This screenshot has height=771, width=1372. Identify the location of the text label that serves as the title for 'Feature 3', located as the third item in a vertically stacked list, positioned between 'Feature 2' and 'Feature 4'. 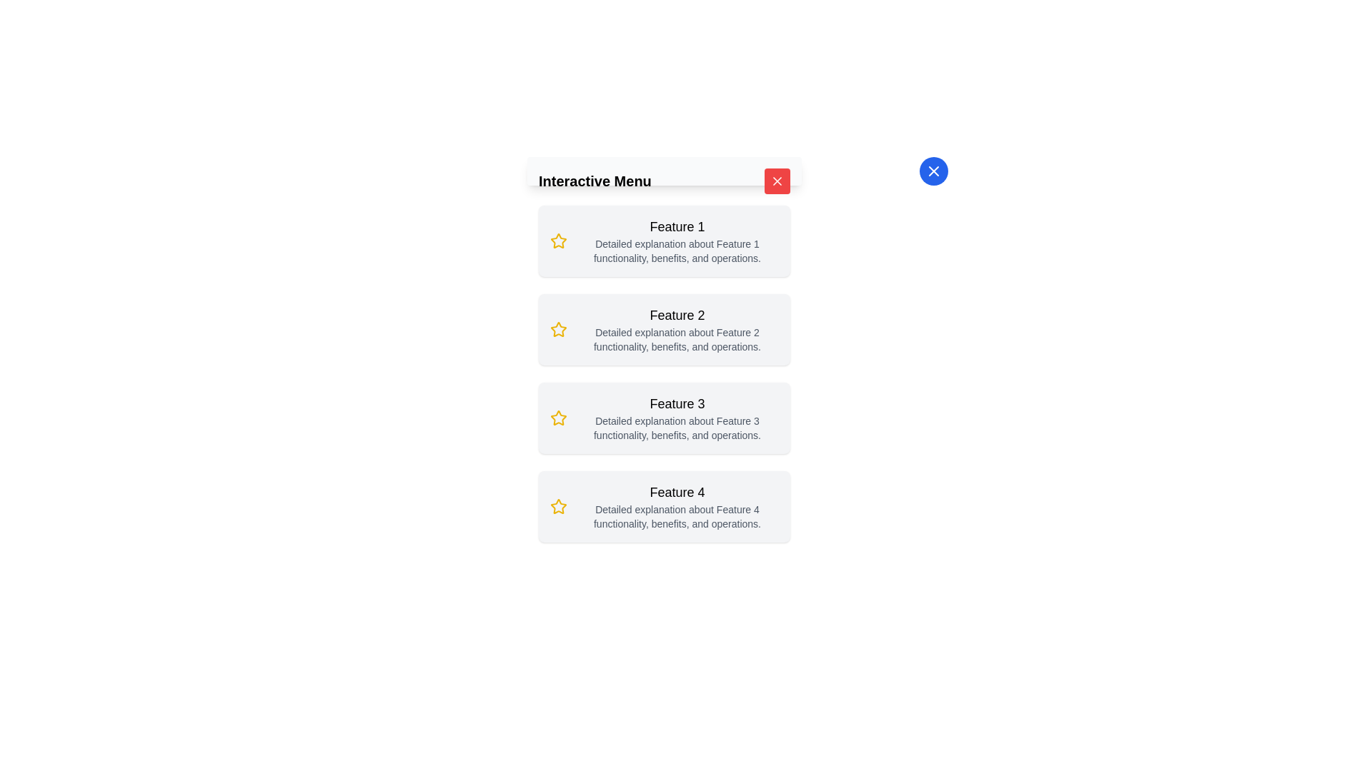
(677, 404).